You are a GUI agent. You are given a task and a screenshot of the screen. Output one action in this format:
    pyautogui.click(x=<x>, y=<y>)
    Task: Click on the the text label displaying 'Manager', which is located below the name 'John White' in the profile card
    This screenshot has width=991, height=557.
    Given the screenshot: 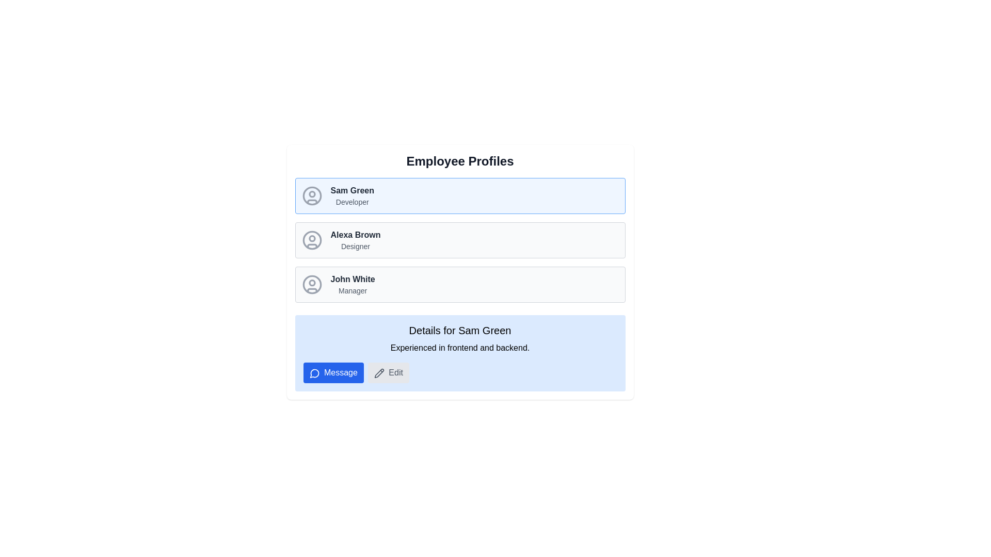 What is the action you would take?
    pyautogui.click(x=353, y=290)
    